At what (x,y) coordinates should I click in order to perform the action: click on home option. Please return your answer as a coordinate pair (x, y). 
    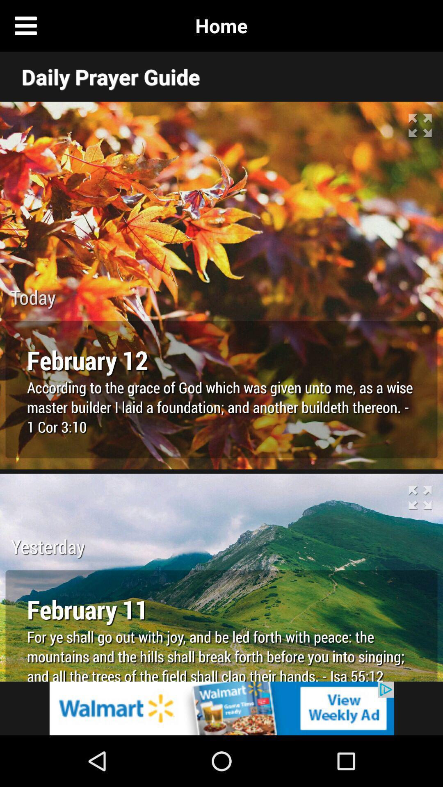
    Looking at the image, I should click on (417, 25).